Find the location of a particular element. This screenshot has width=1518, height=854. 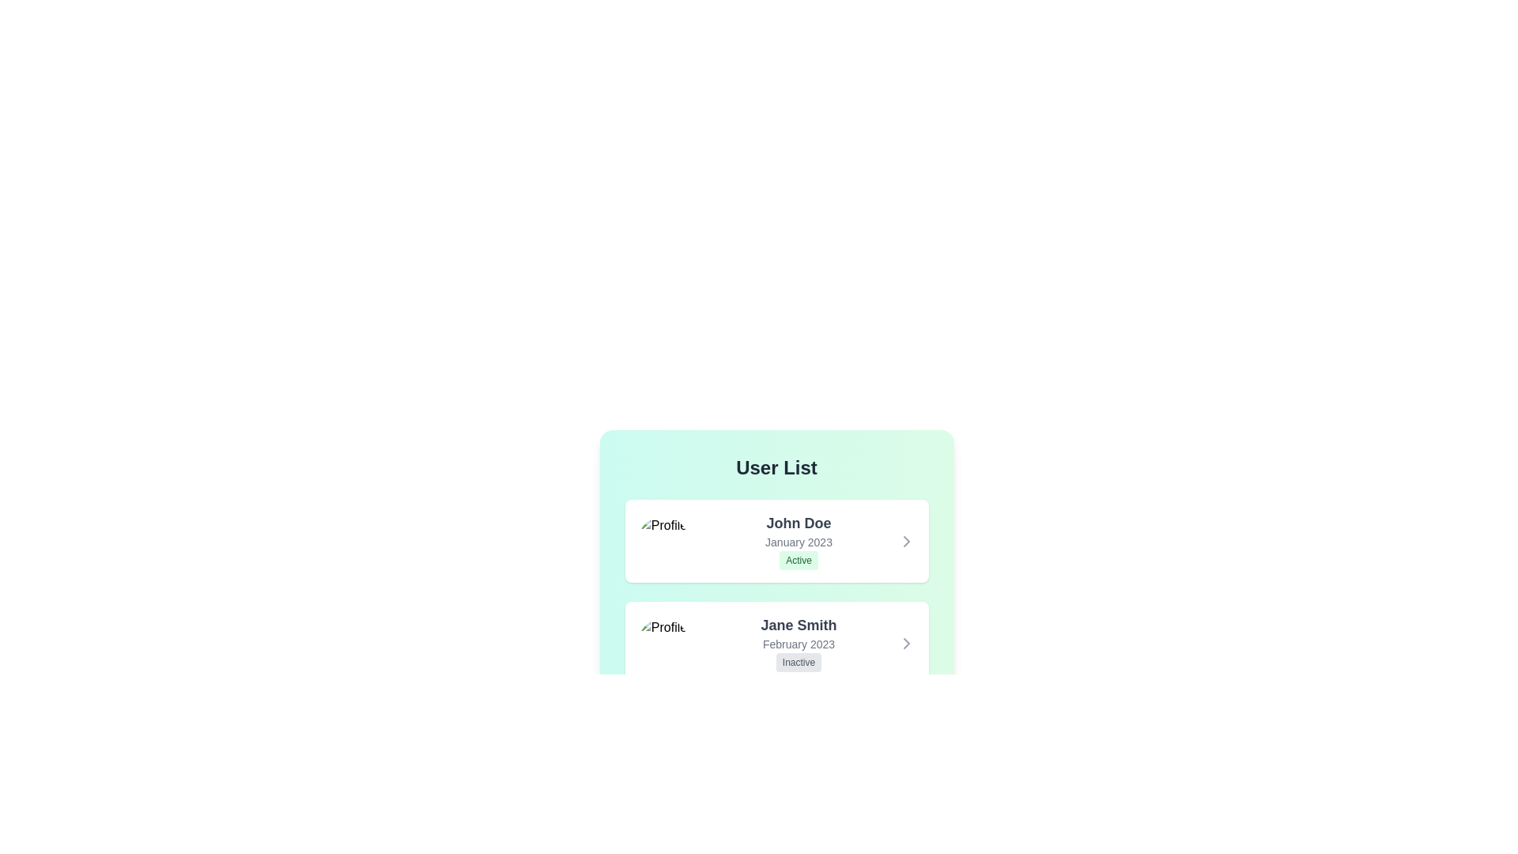

the user item corresponding to Jane Smith is located at coordinates (776, 643).